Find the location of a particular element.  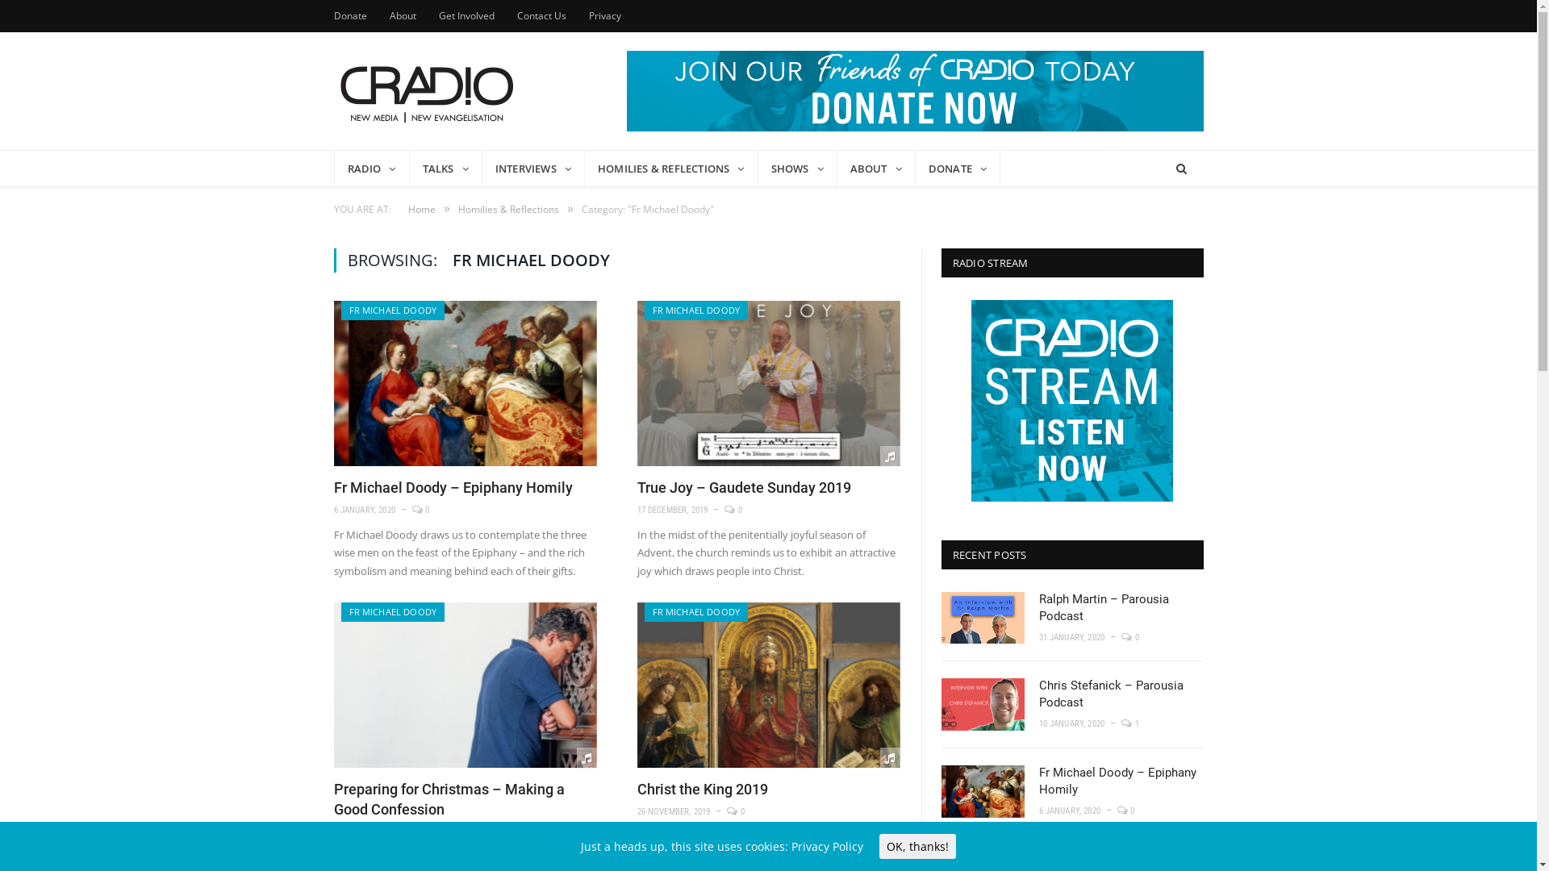

'INTERVIEWS' is located at coordinates (533, 168).